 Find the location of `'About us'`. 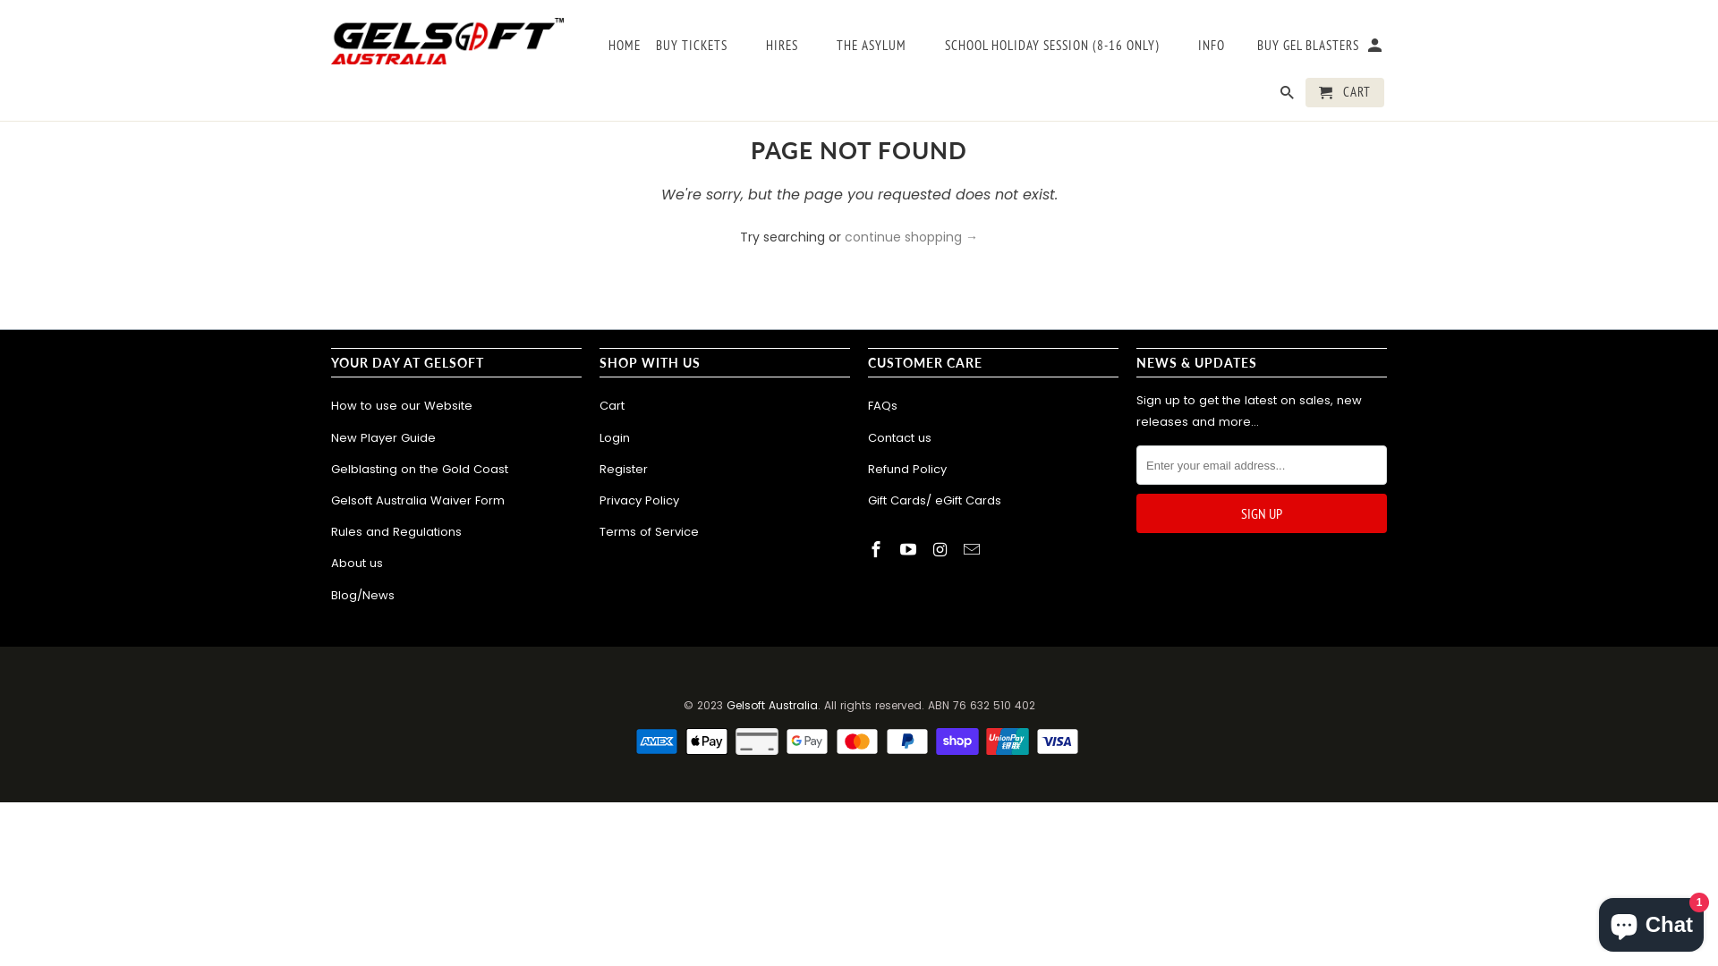

'About us' is located at coordinates (356, 562).